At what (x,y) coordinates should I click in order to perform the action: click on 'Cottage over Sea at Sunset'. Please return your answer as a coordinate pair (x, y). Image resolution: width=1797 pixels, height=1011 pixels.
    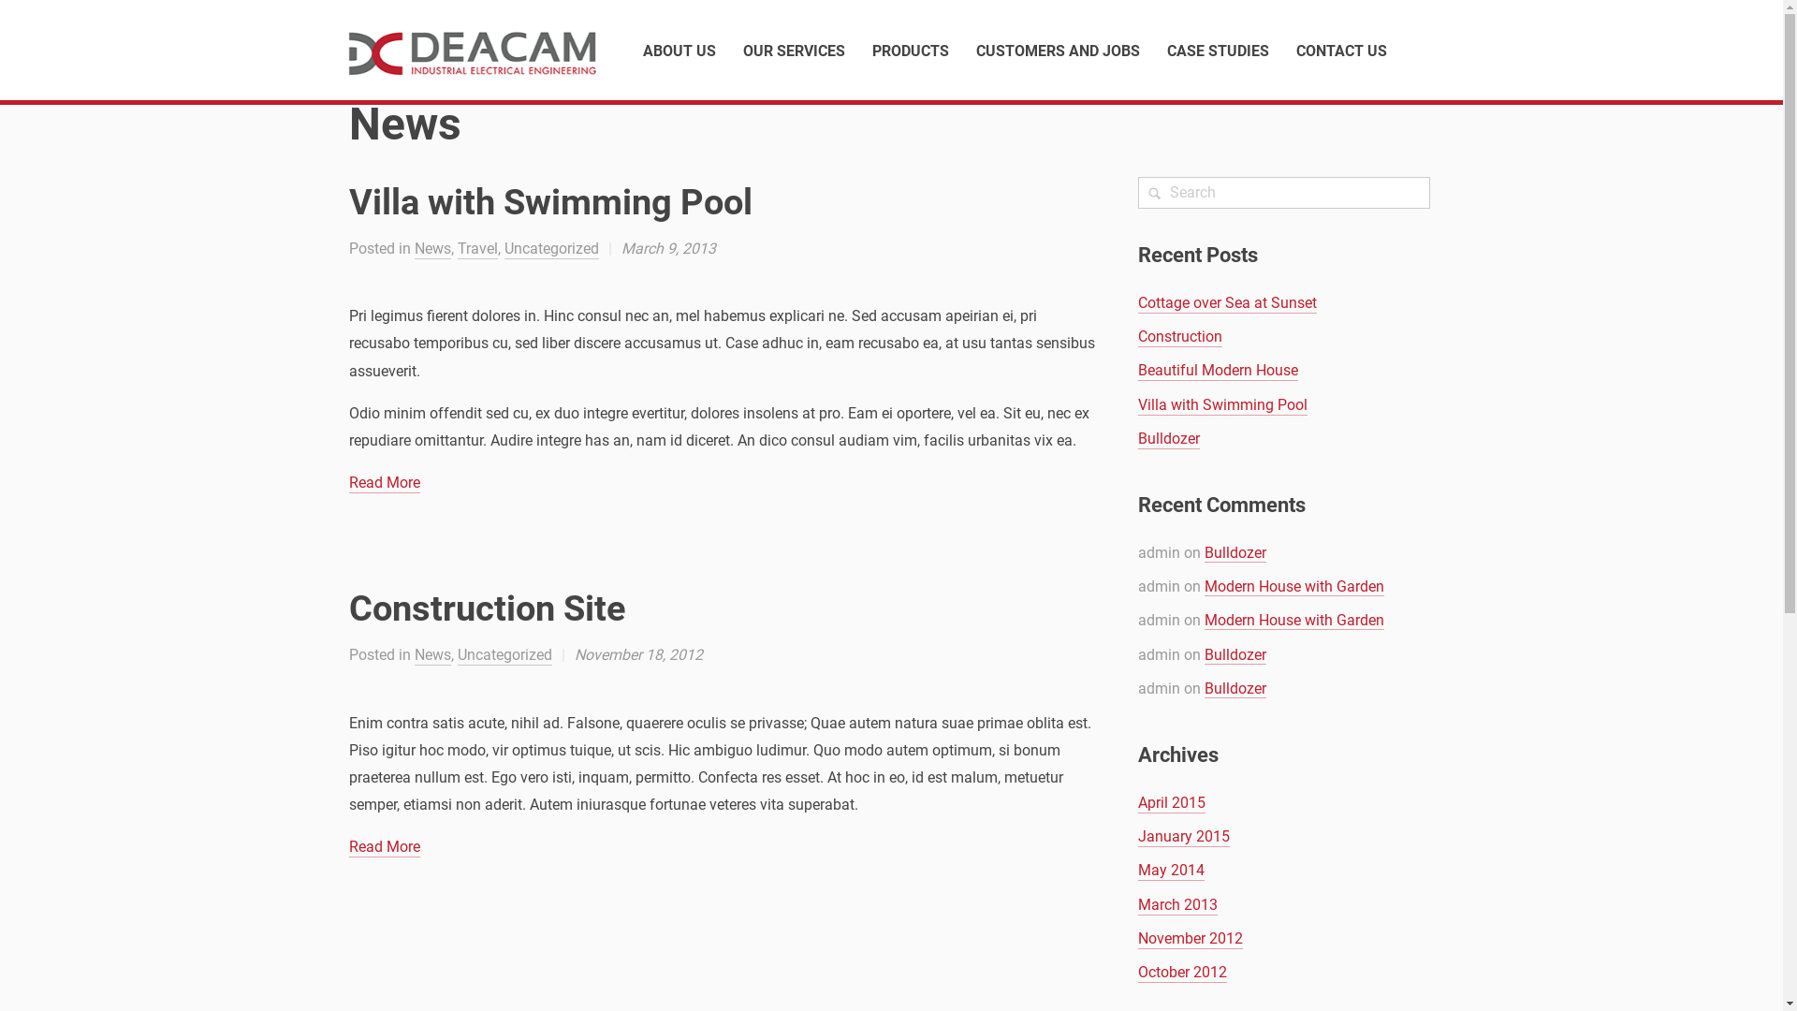
    Looking at the image, I should click on (1136, 302).